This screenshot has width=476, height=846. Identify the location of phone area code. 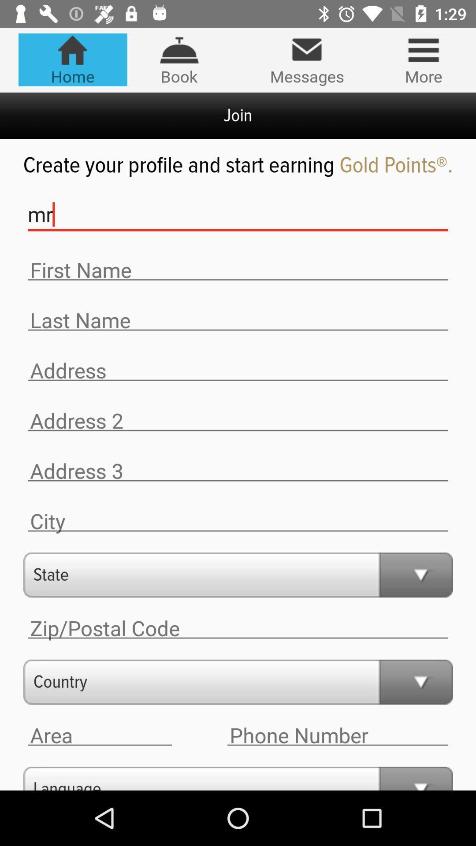
(99, 735).